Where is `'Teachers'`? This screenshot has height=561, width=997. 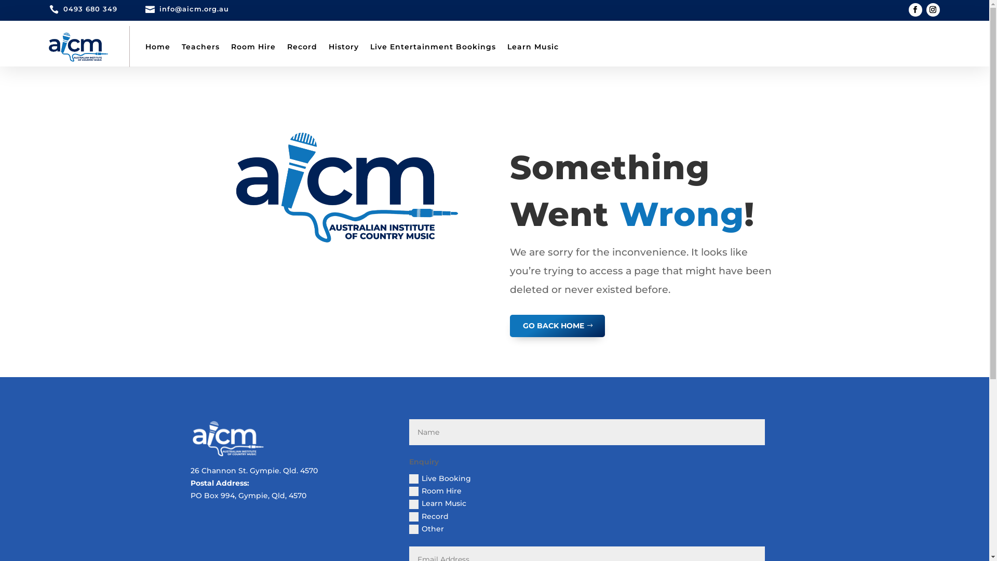 'Teachers' is located at coordinates (200, 46).